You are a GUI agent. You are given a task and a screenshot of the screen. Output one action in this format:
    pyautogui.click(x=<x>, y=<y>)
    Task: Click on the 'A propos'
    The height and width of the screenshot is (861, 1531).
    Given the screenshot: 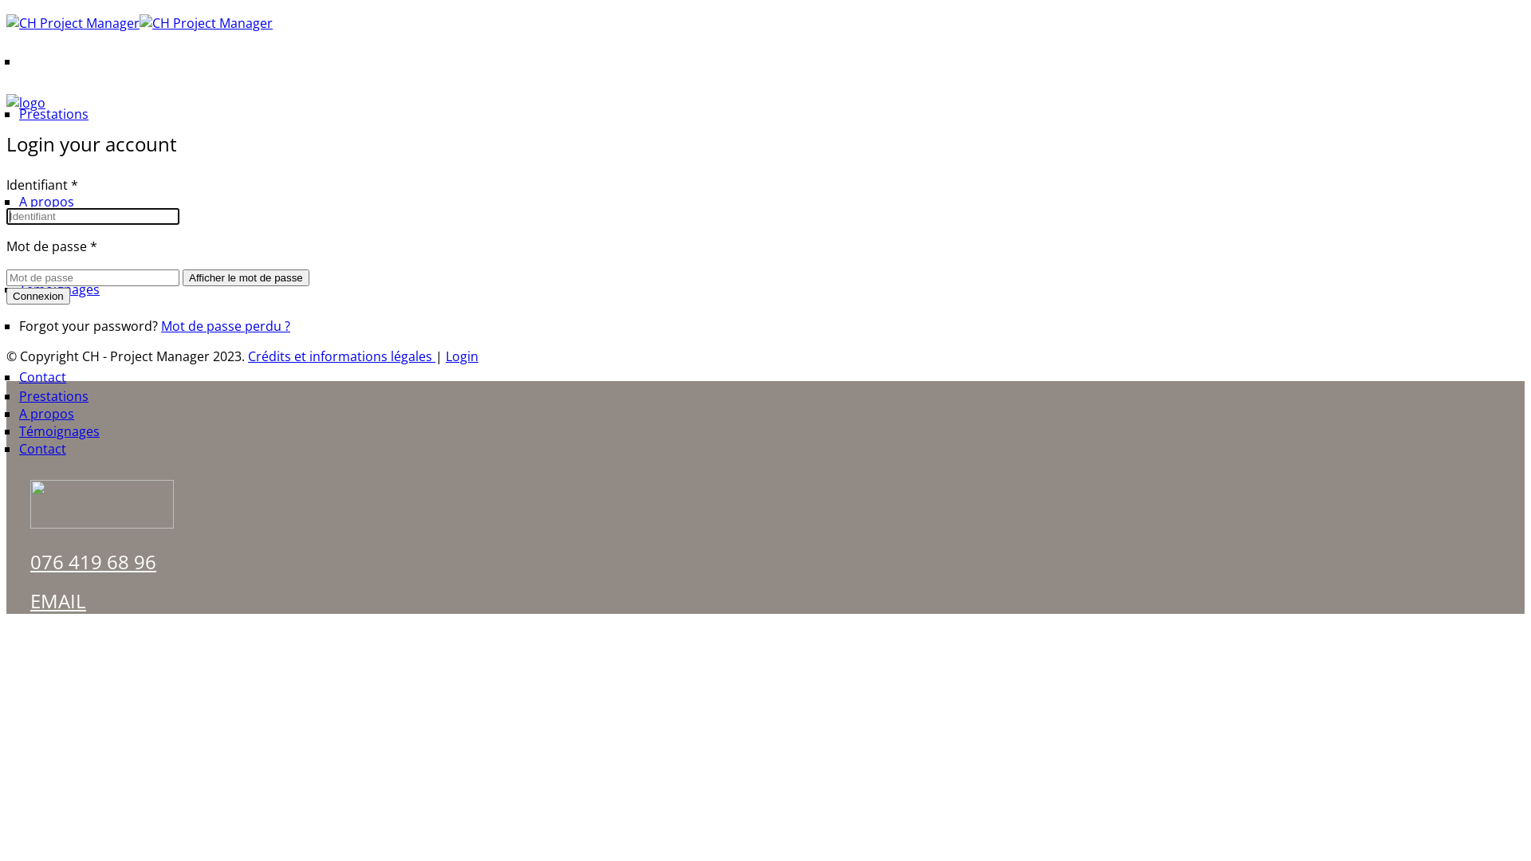 What is the action you would take?
    pyautogui.click(x=46, y=201)
    